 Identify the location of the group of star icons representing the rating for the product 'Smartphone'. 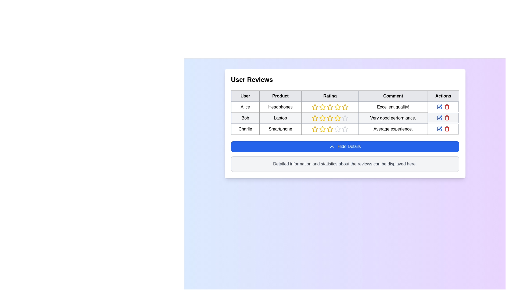
(330, 129).